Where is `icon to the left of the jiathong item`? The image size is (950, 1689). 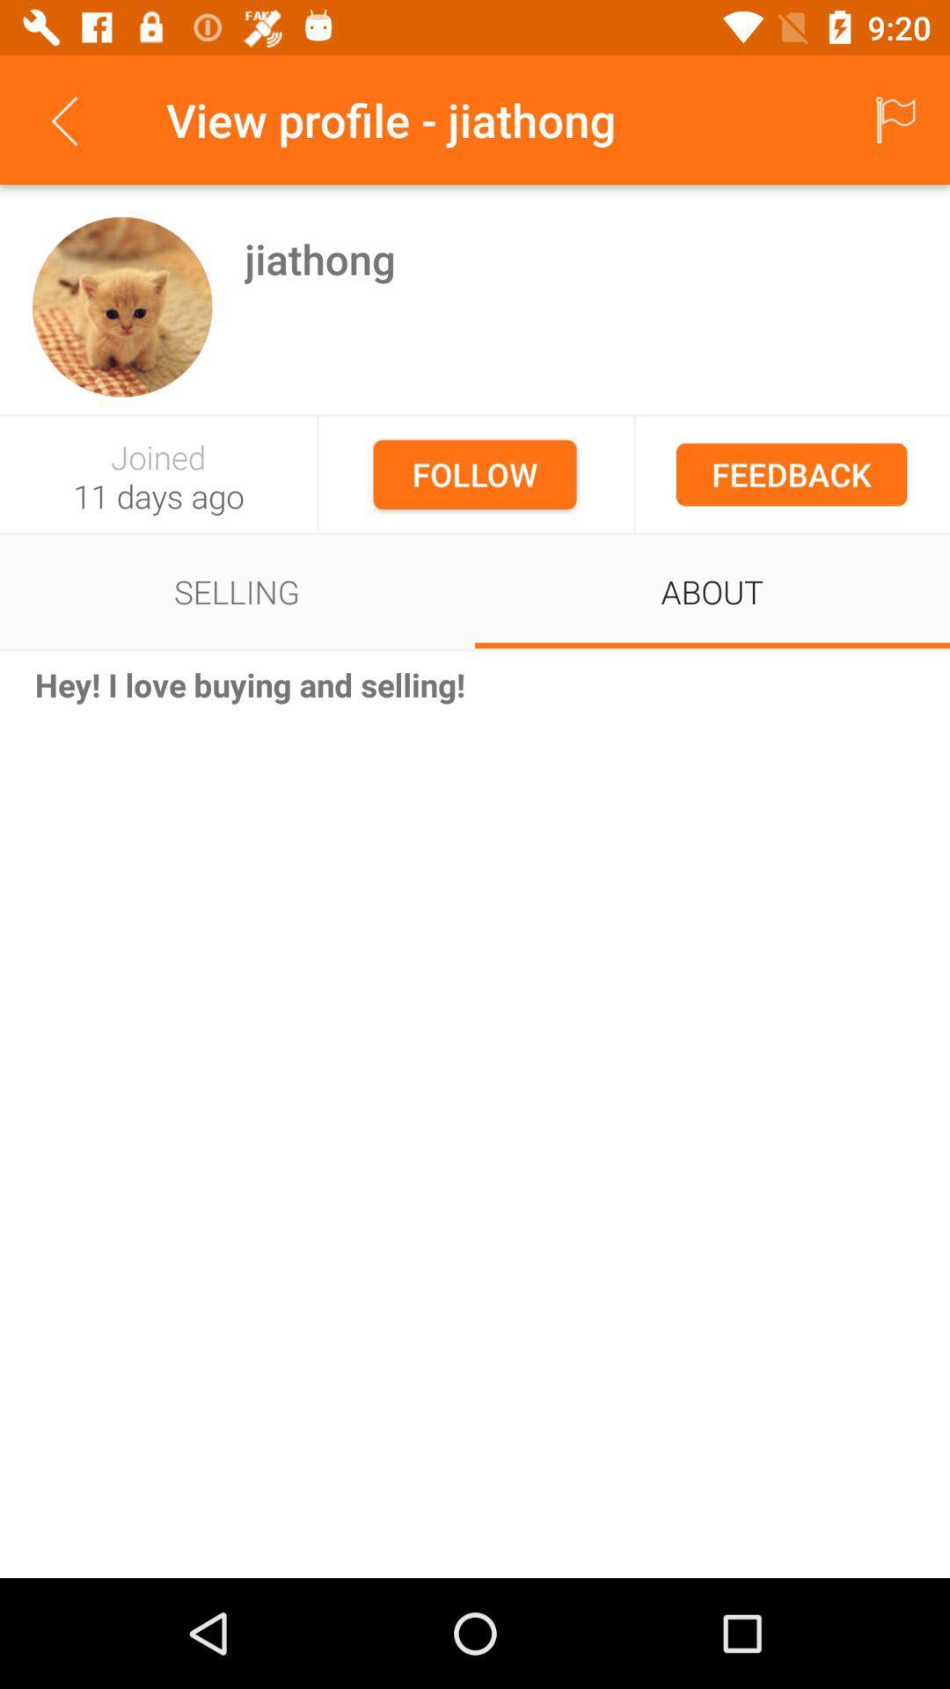
icon to the left of the jiathong item is located at coordinates (121, 307).